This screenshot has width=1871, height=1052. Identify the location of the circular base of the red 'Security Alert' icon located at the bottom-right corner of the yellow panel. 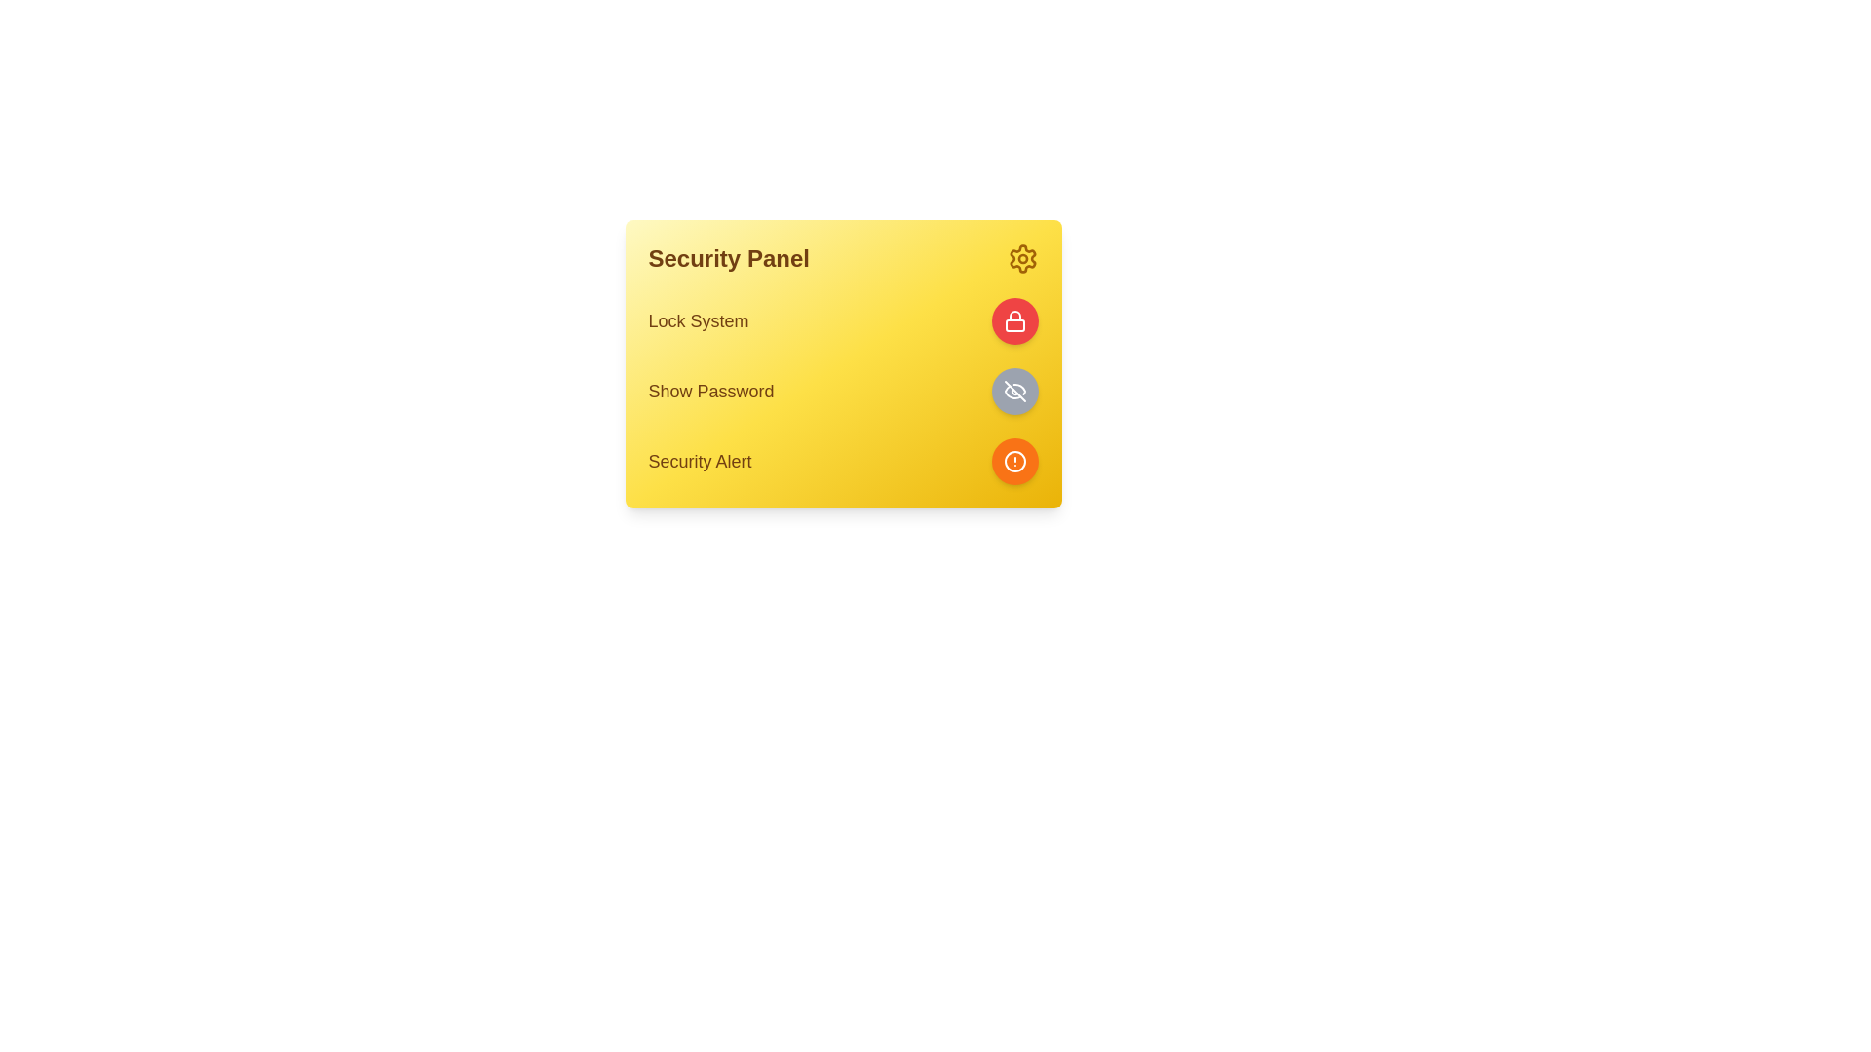
(1013, 462).